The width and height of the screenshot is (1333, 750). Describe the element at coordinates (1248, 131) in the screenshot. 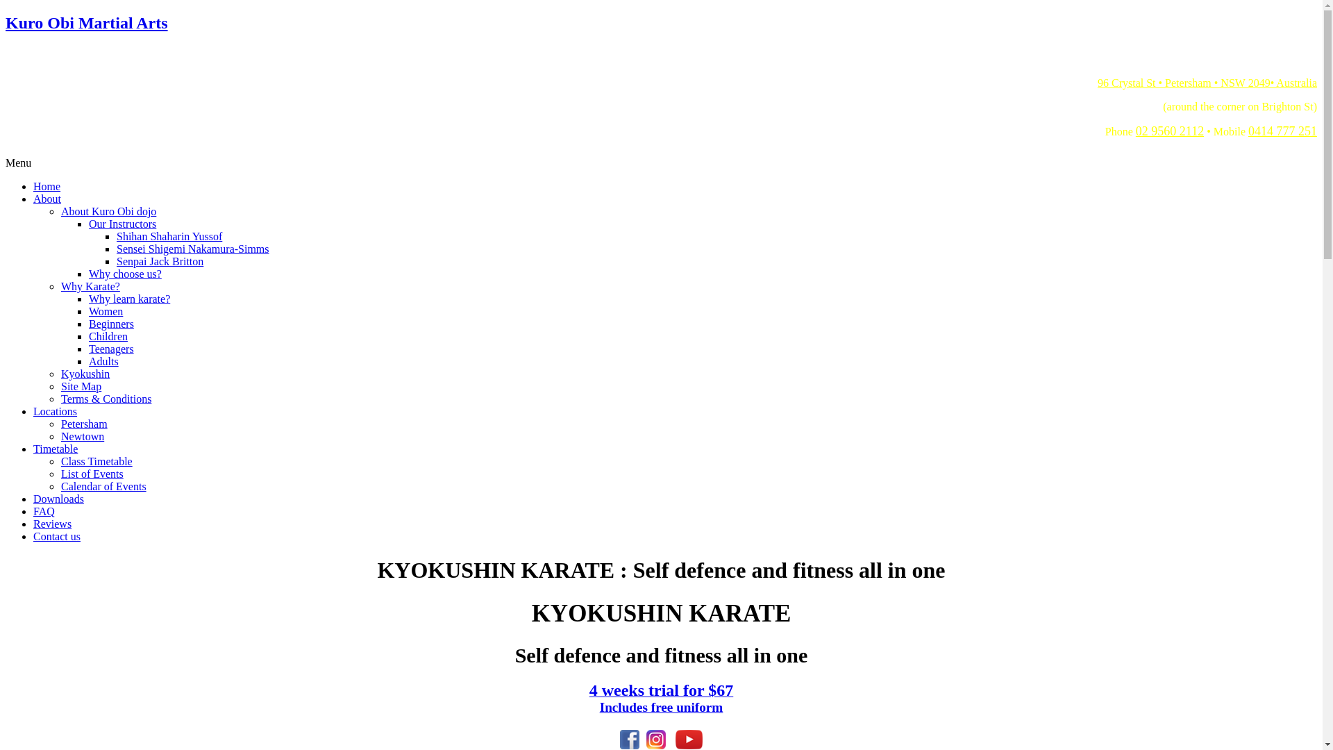

I see `'0414 777 251'` at that location.